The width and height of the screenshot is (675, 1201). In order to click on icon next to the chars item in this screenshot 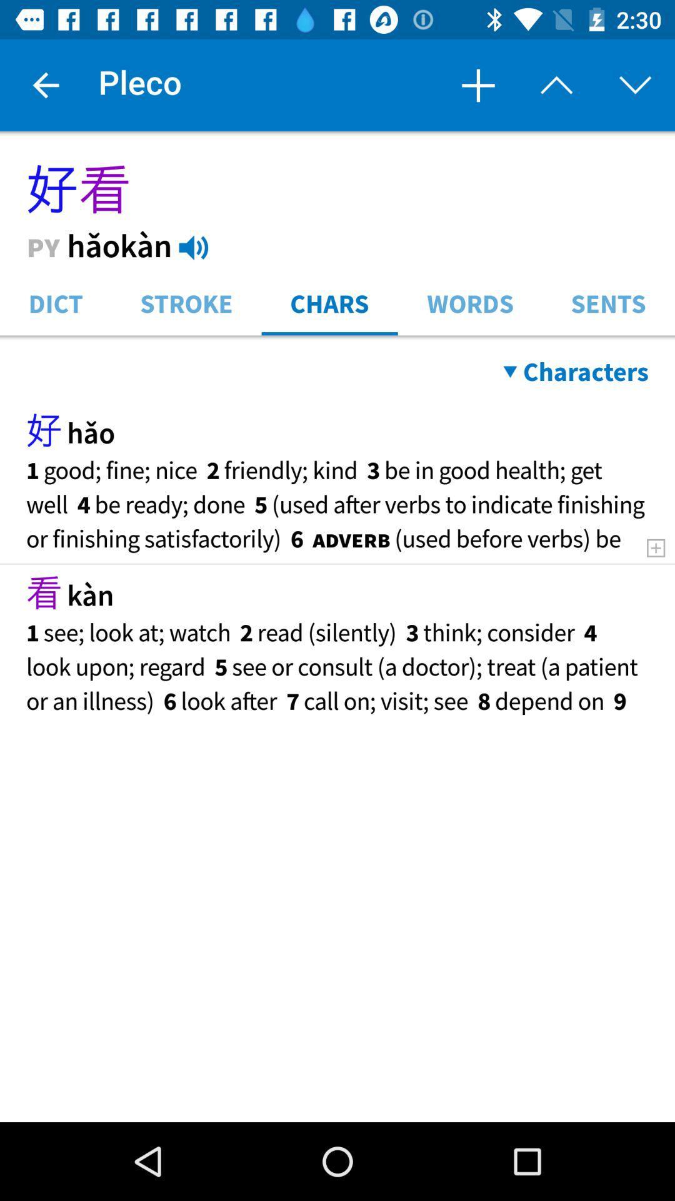, I will do `click(470, 302)`.